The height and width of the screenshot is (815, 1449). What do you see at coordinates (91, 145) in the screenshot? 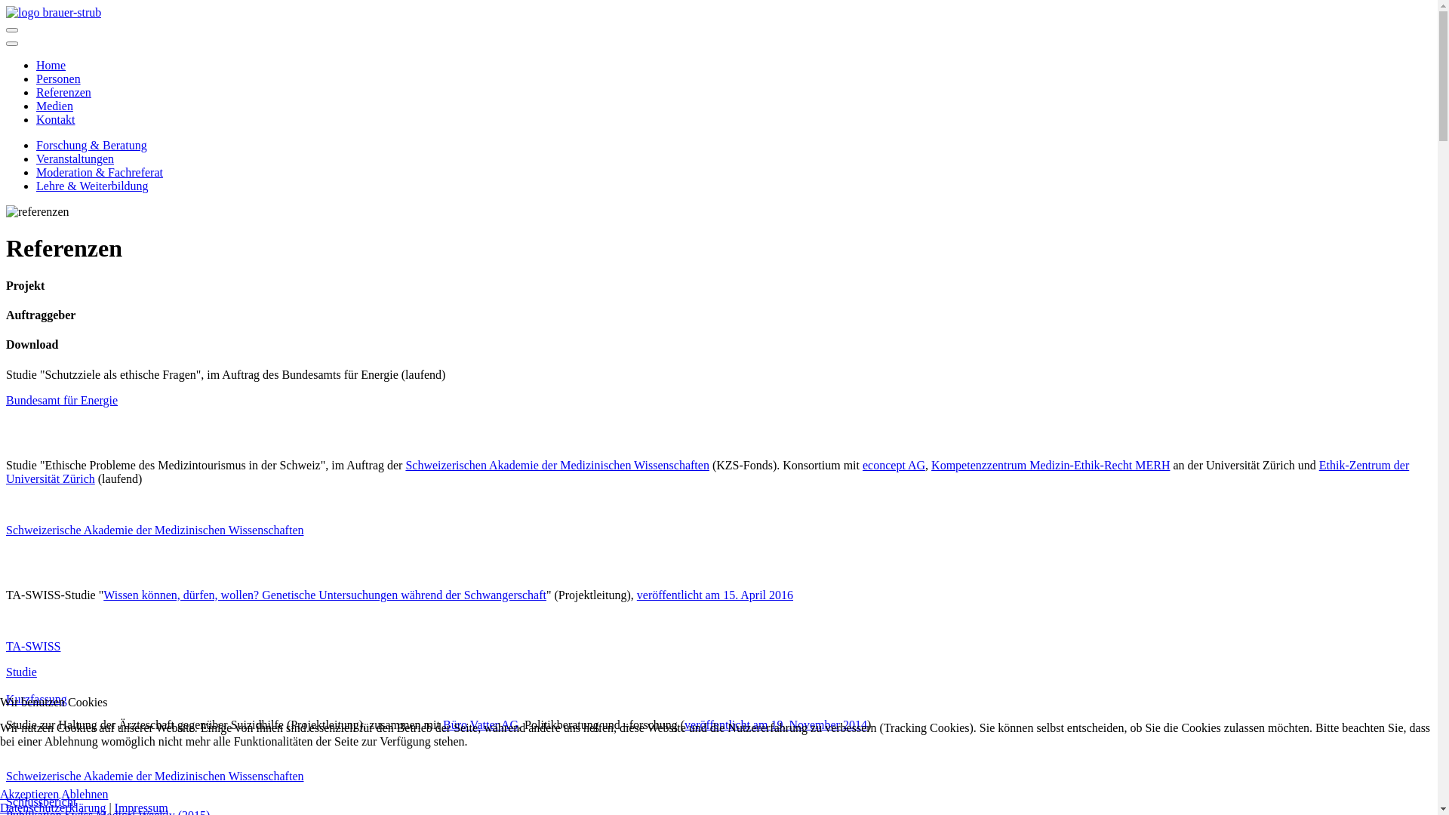
I see `'Forschung & Beratung'` at bounding box center [91, 145].